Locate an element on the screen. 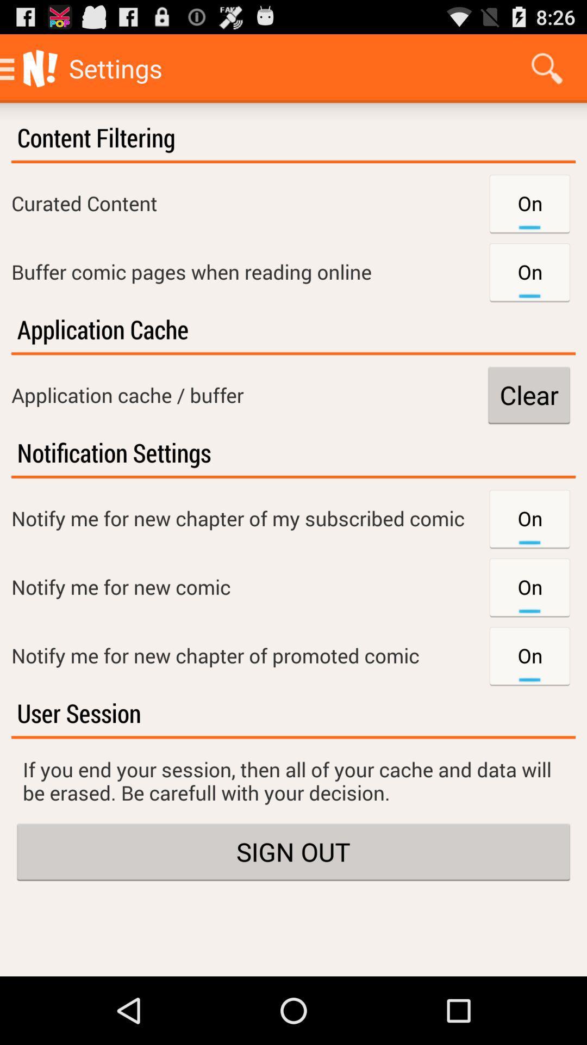 This screenshot has height=1045, width=587. the clear is located at coordinates (528, 394).